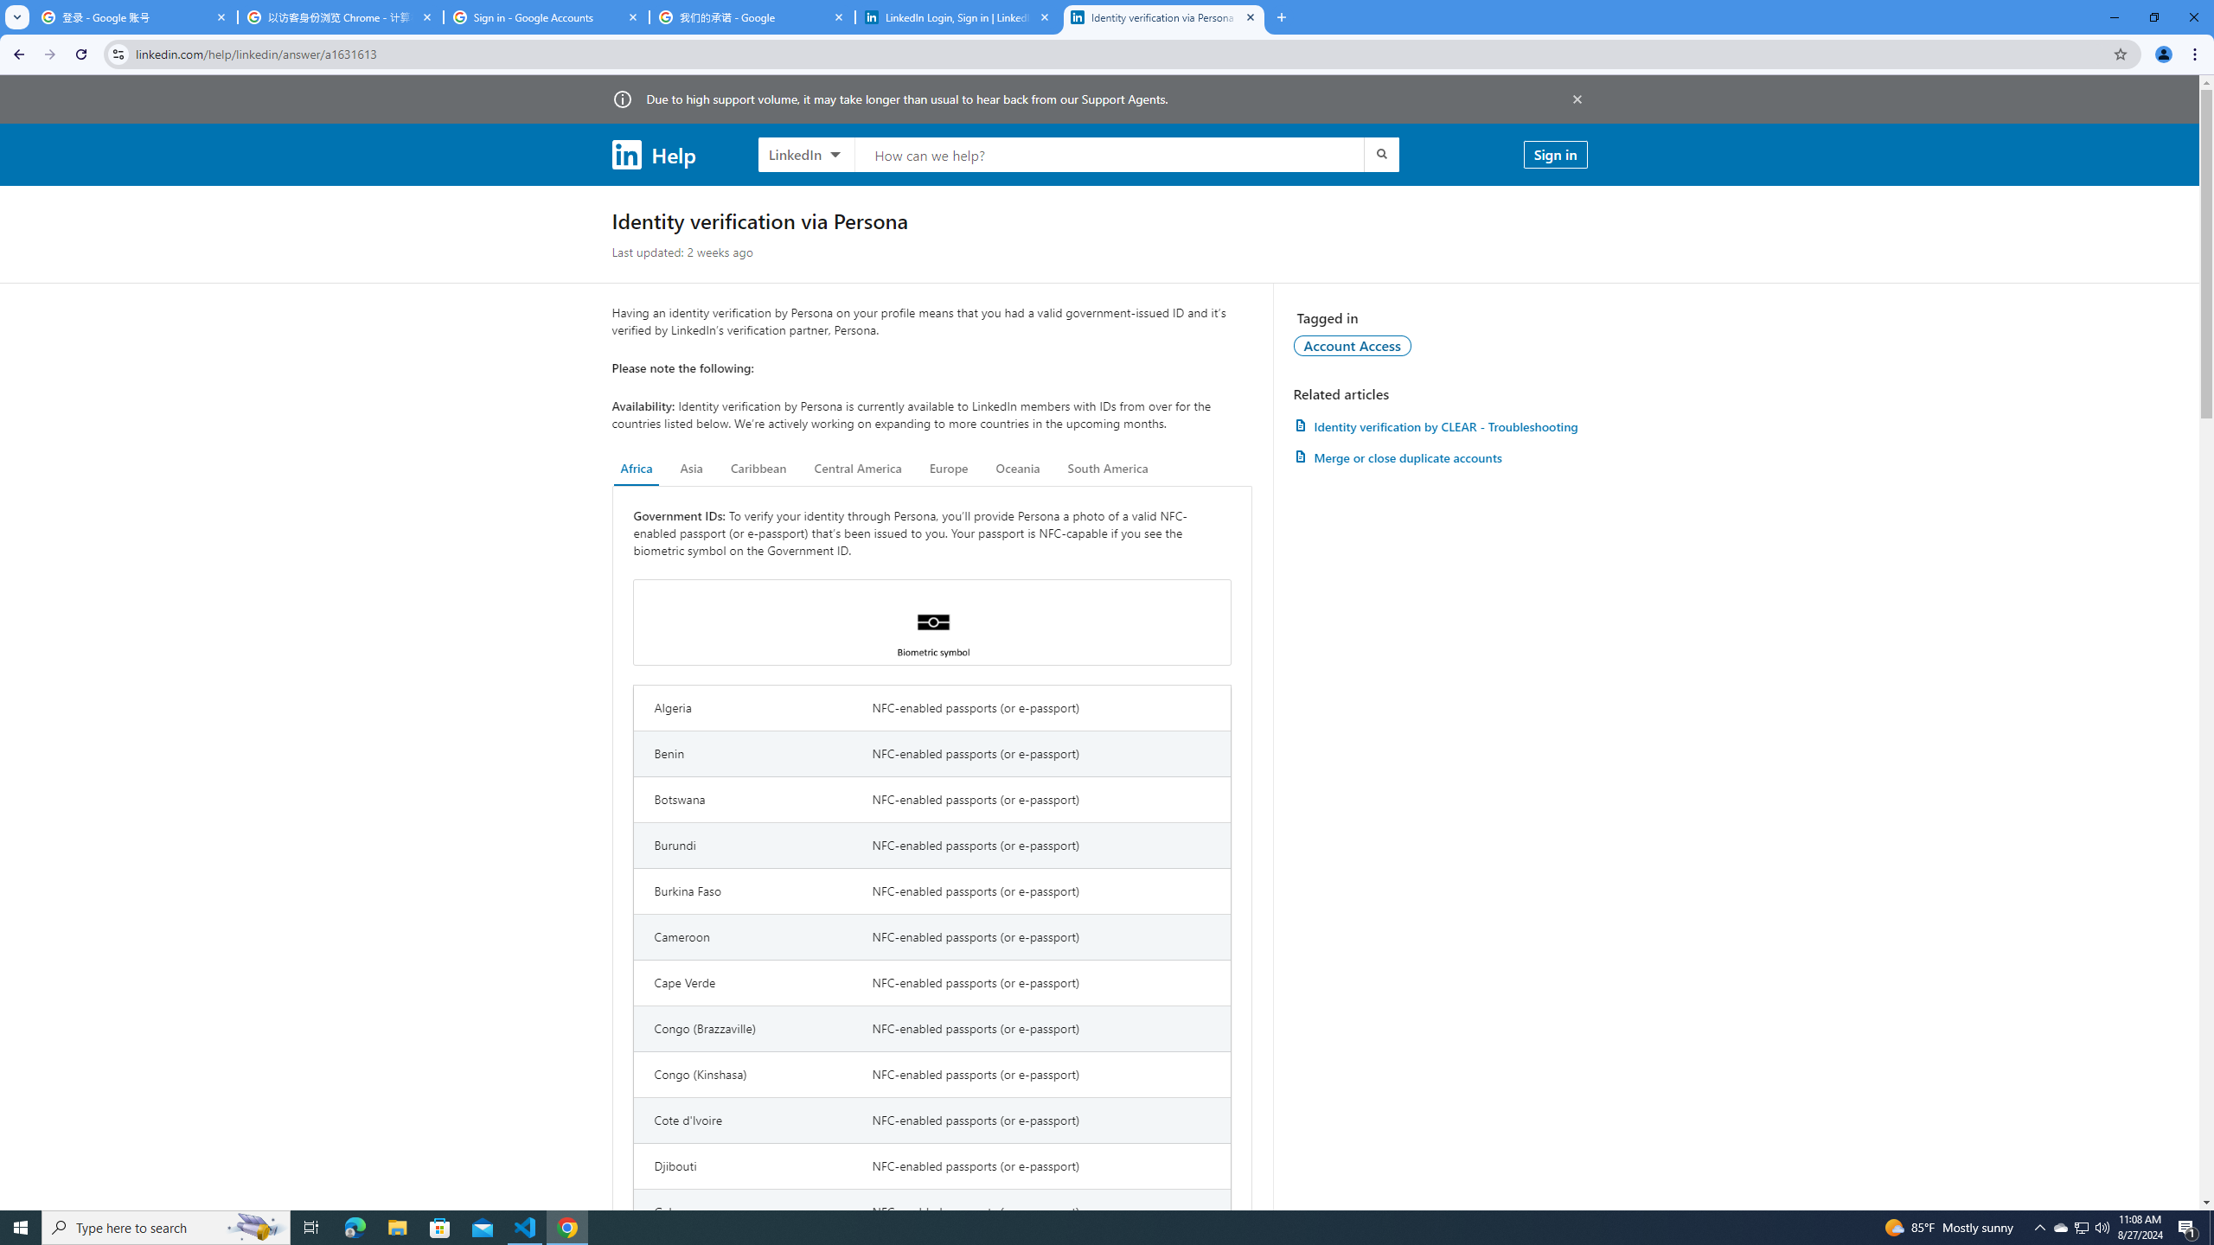 Image resolution: width=2214 pixels, height=1245 pixels. Describe the element at coordinates (1439, 456) in the screenshot. I see `'AutomationID: article-link-a1337200'` at that location.